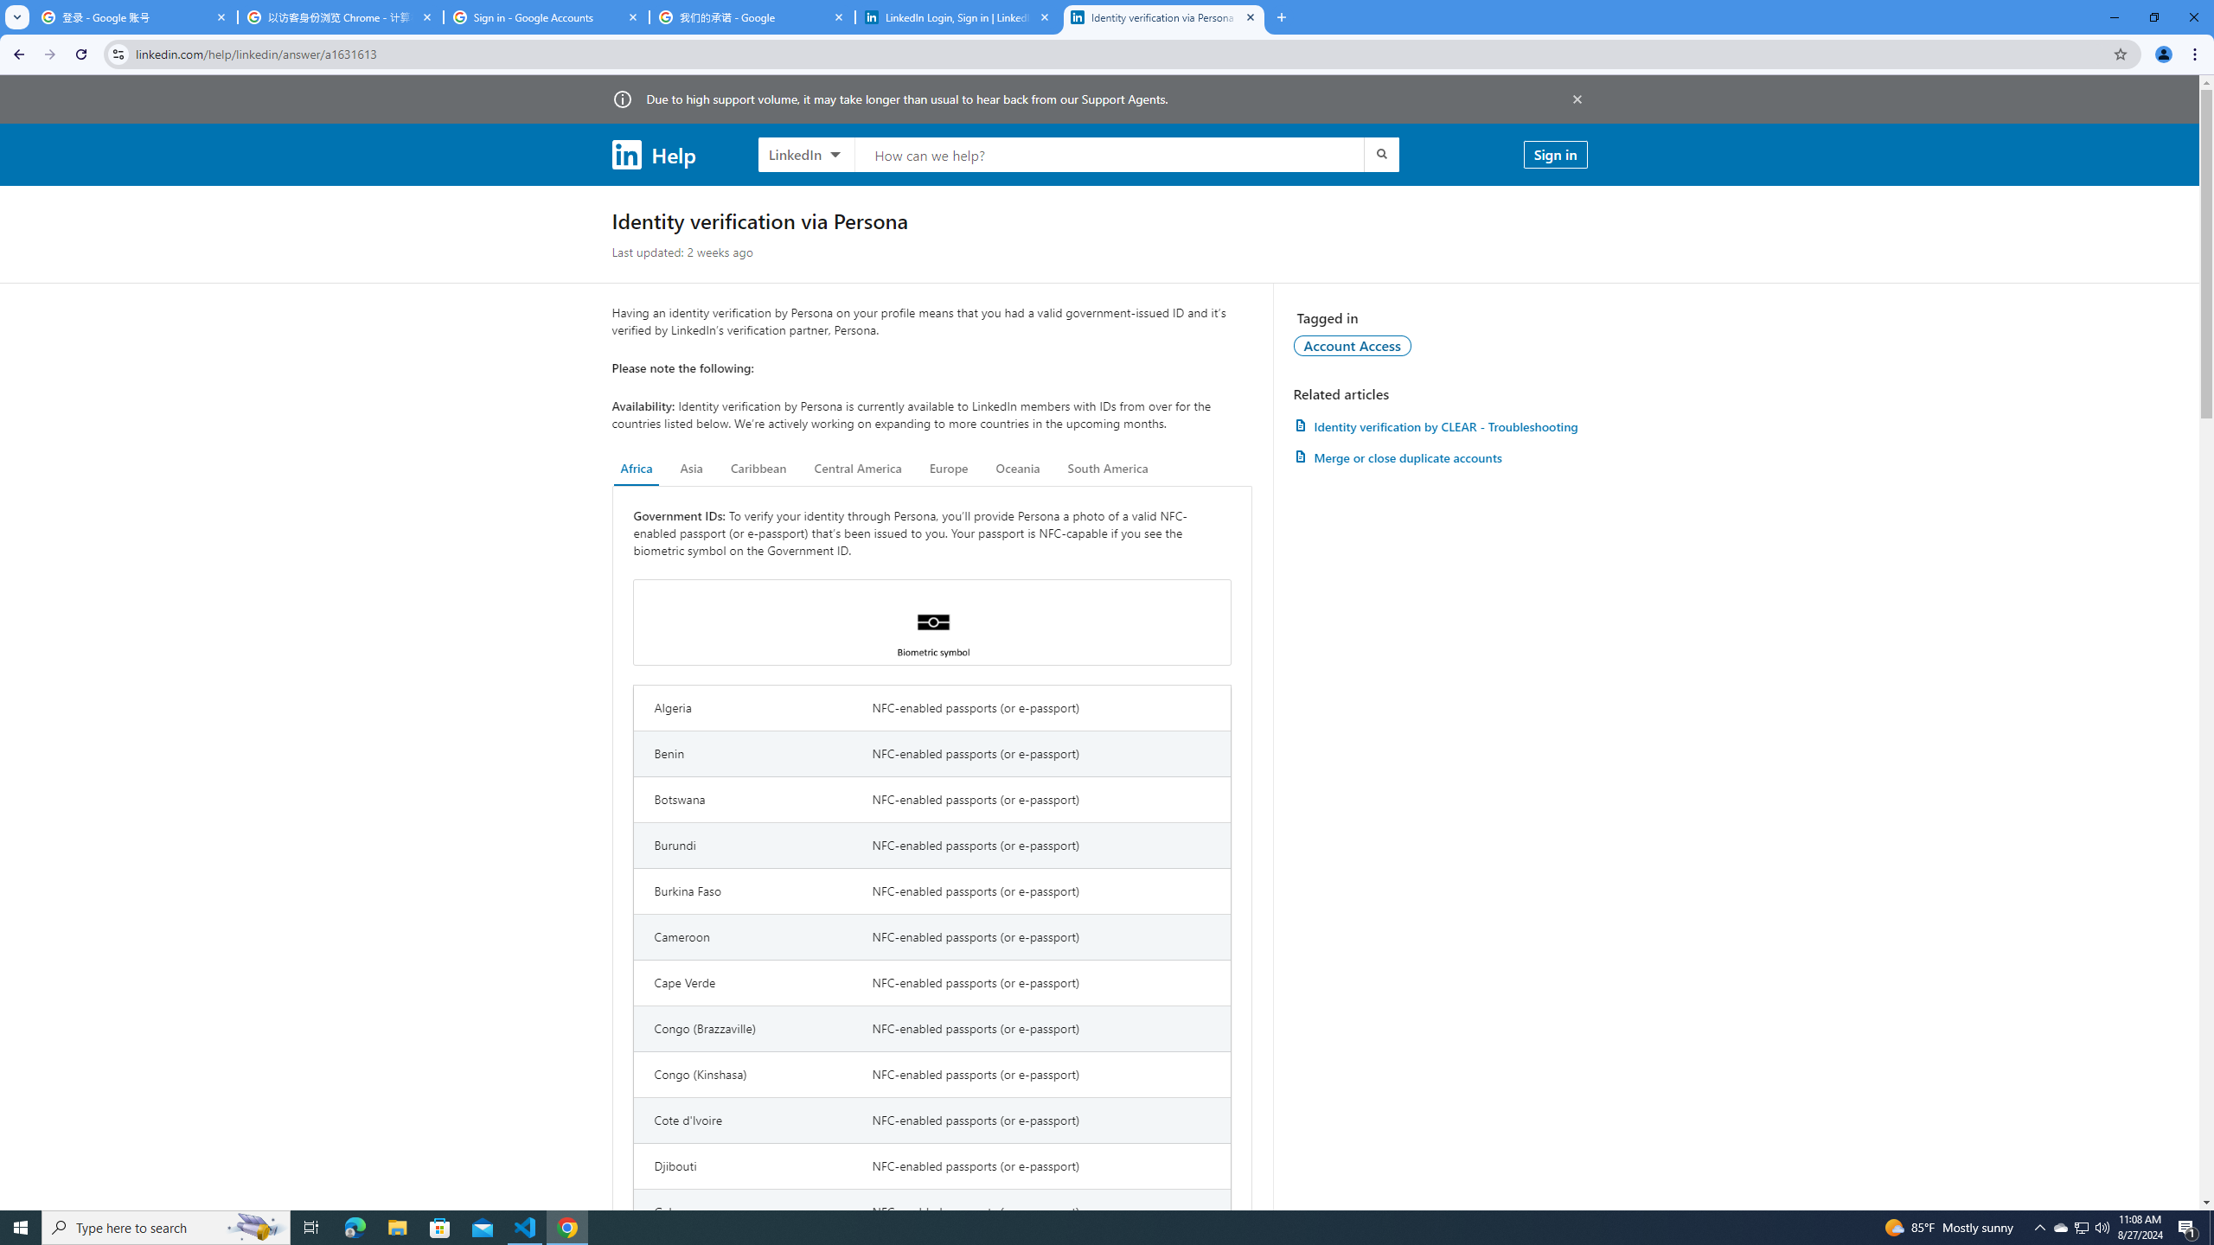 Image resolution: width=2214 pixels, height=1245 pixels. Describe the element at coordinates (1439, 456) in the screenshot. I see `'AutomationID: article-link-a1337200'` at that location.